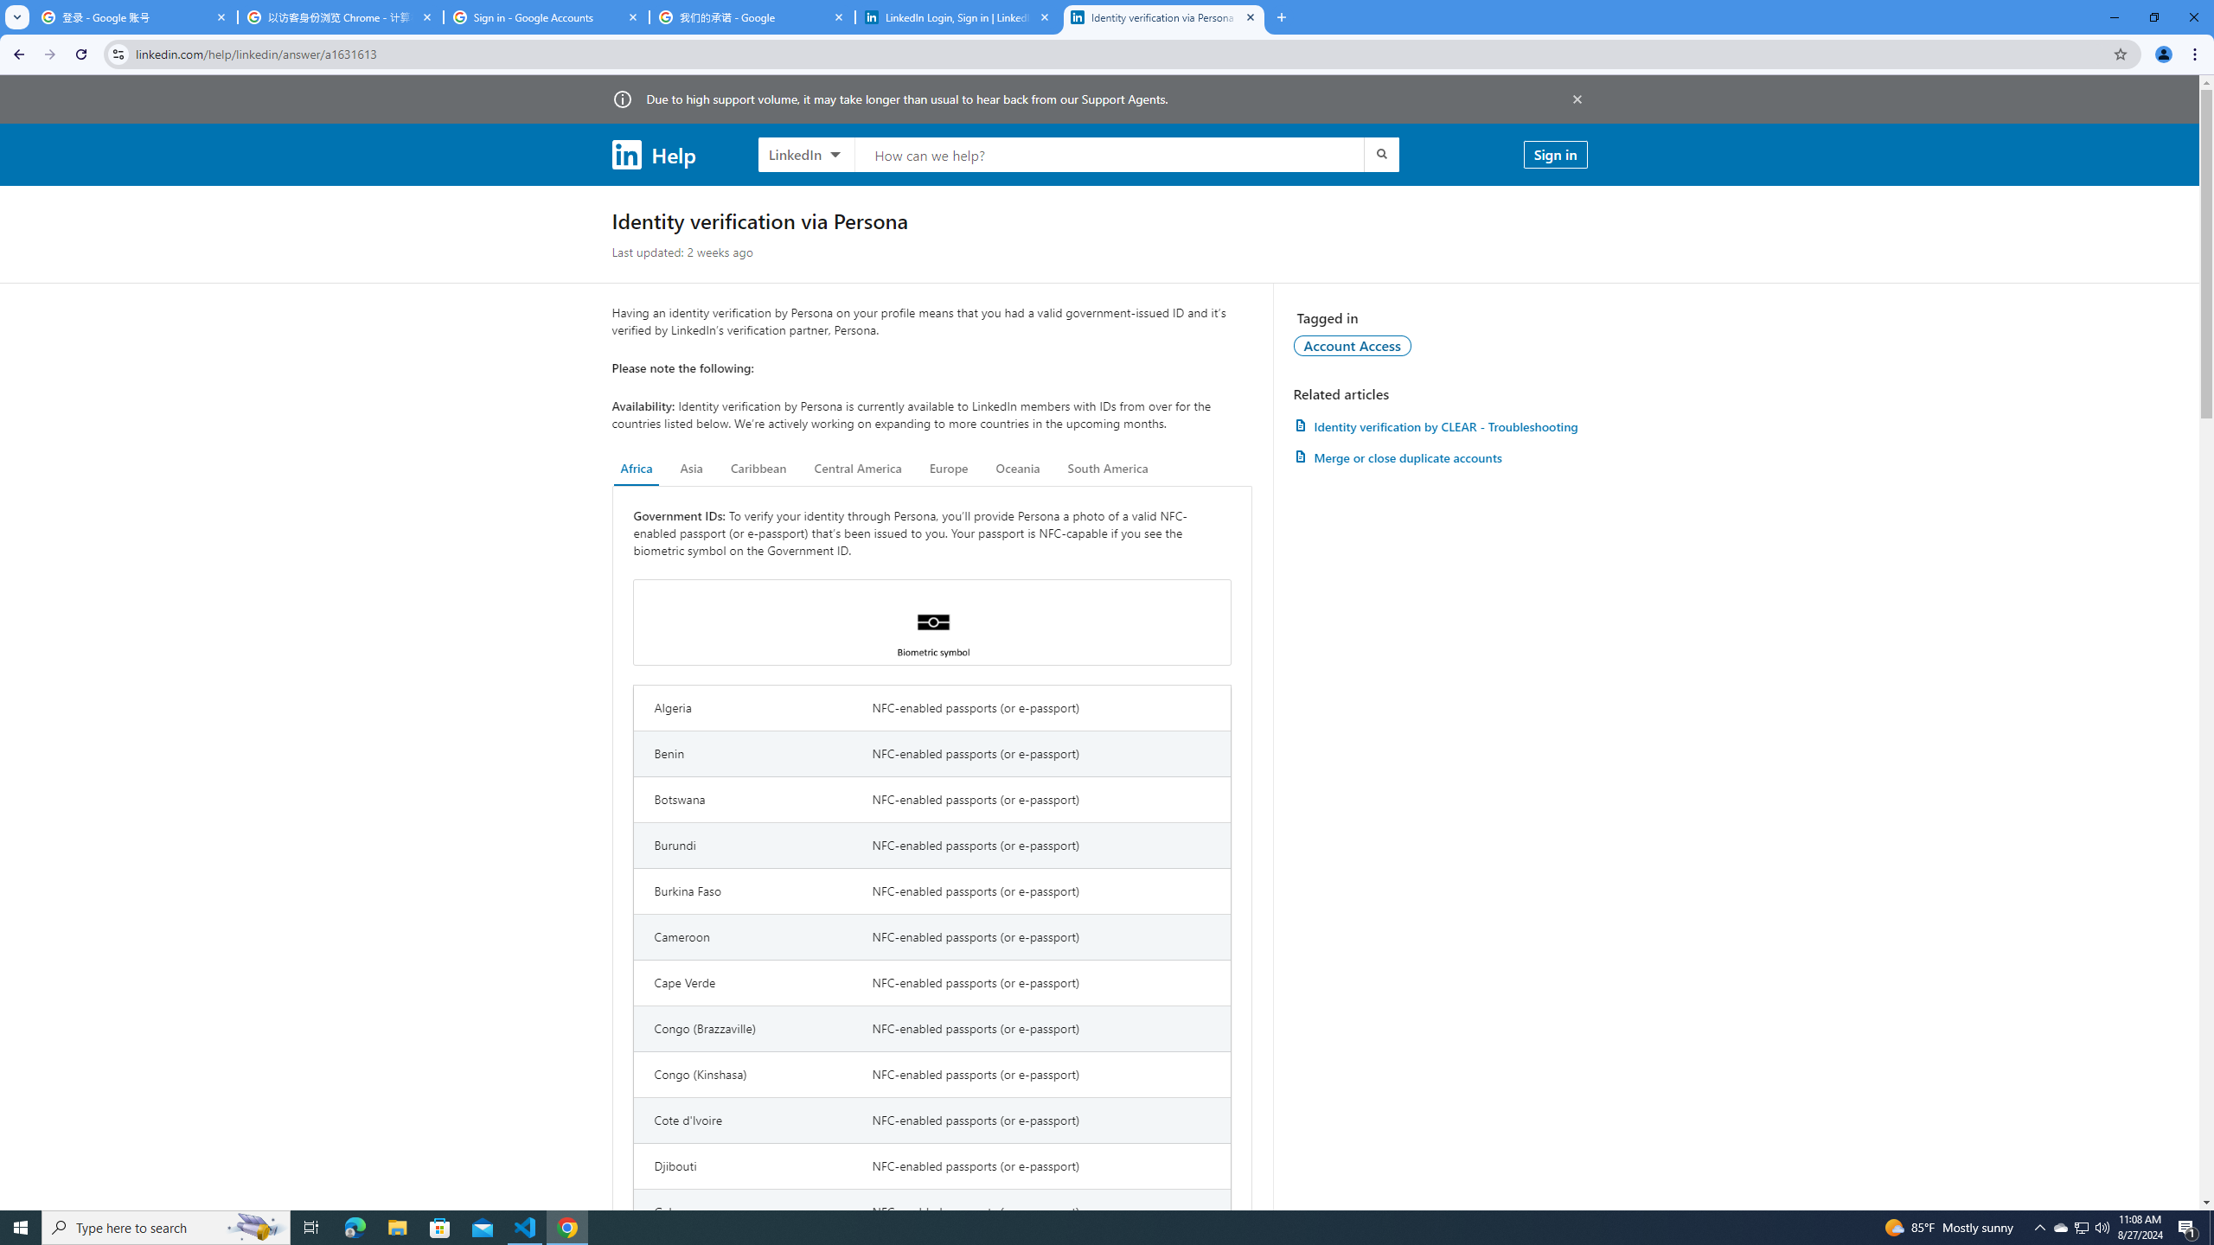 Image resolution: width=2214 pixels, height=1245 pixels. Describe the element at coordinates (1439, 456) in the screenshot. I see `'AutomationID: article-link-a1337200'` at that location.